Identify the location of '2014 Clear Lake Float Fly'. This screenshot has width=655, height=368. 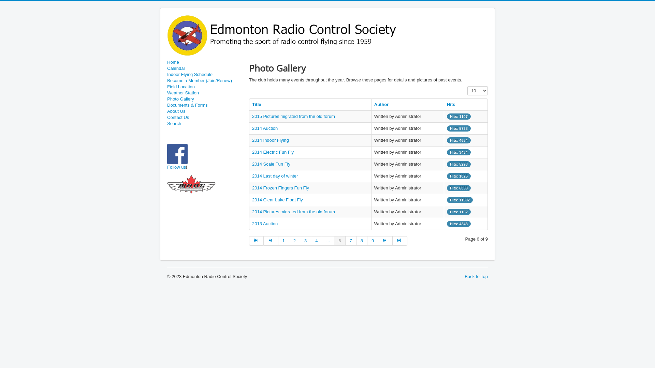
(252, 199).